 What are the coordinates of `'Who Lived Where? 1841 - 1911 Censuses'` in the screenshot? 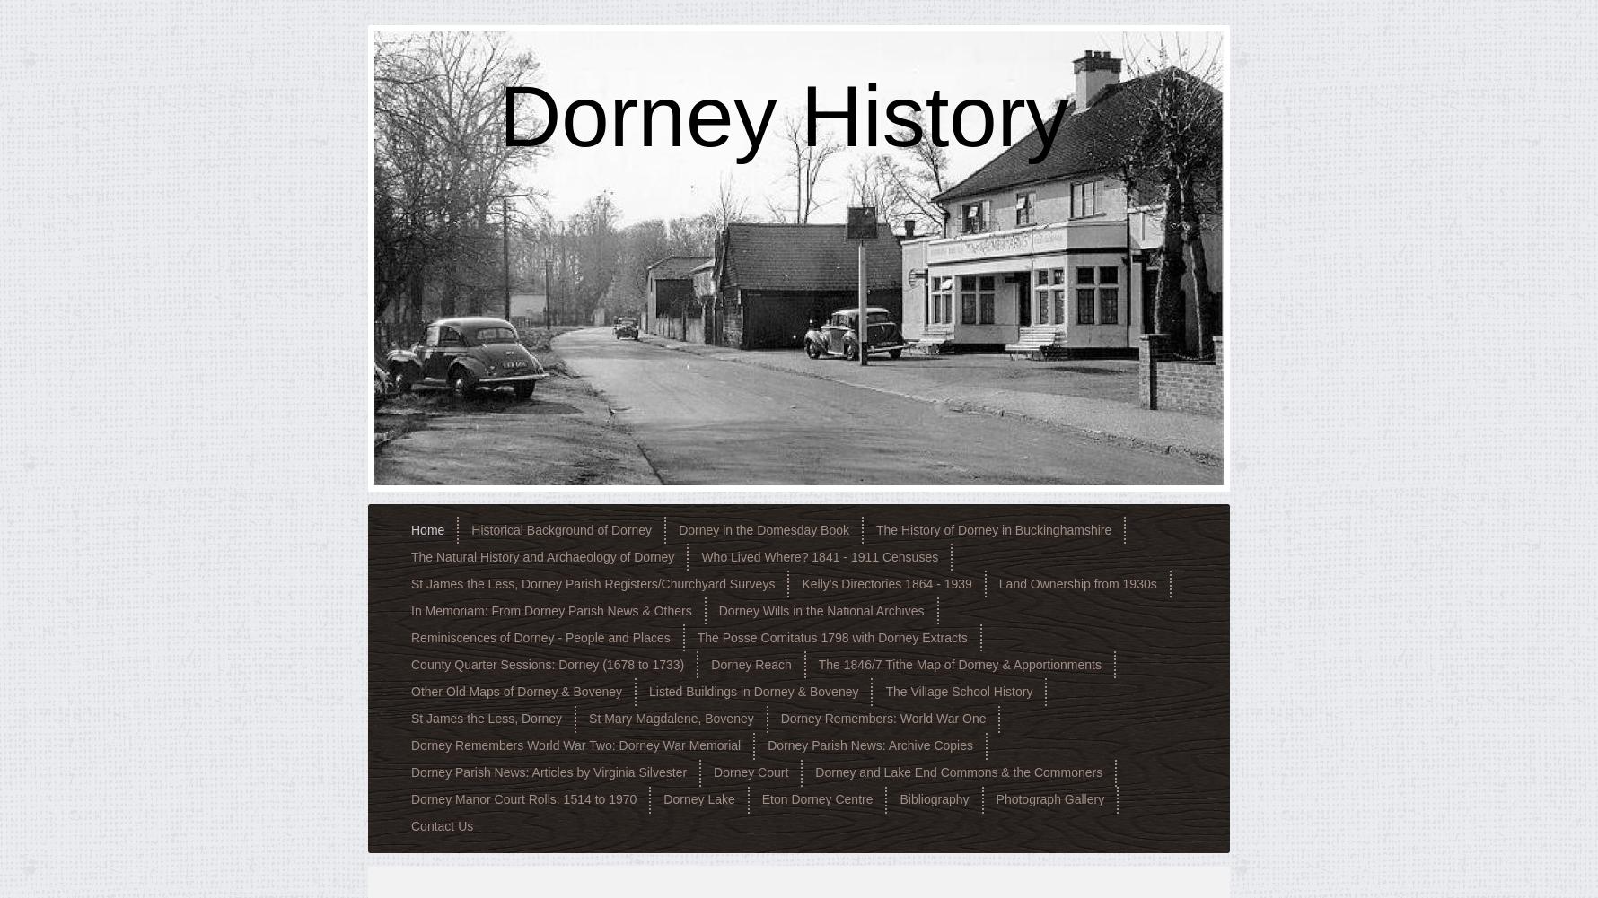 It's located at (701, 556).